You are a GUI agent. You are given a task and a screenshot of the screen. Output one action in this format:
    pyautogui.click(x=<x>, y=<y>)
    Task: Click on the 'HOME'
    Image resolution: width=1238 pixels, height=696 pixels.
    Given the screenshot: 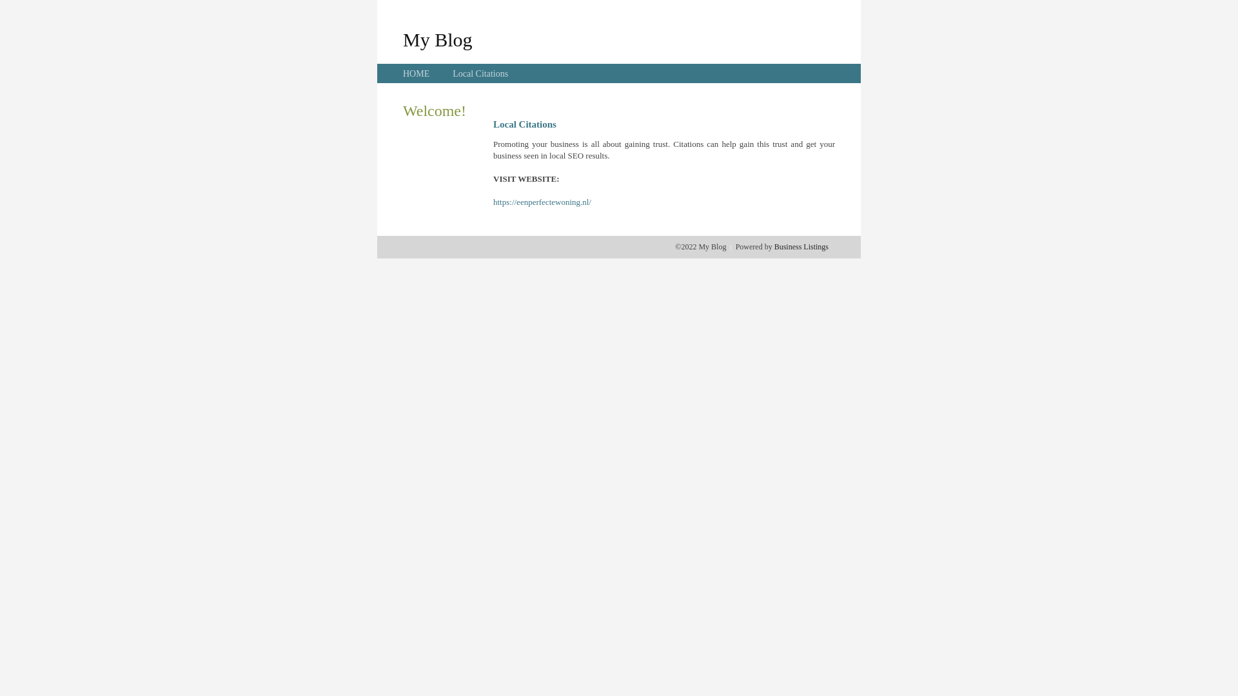 What is the action you would take?
    pyautogui.click(x=416, y=73)
    